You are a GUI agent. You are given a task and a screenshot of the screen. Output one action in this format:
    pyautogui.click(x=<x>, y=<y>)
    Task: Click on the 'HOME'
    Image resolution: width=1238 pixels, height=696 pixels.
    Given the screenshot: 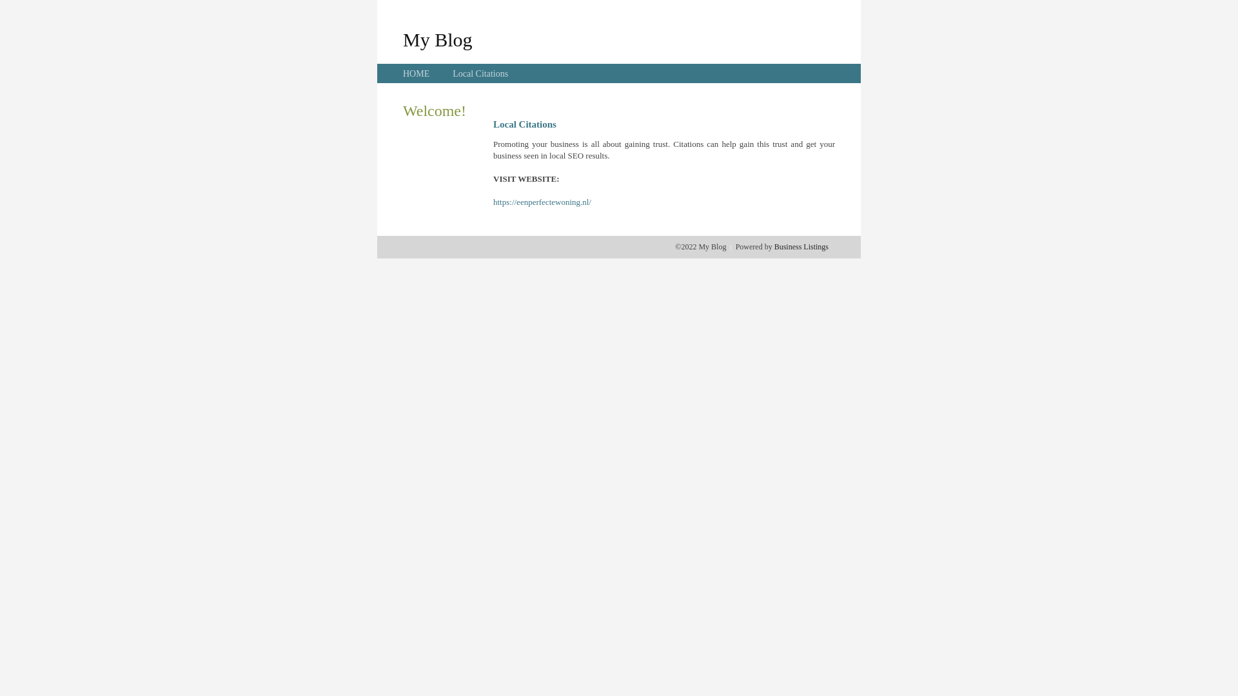 What is the action you would take?
    pyautogui.click(x=416, y=73)
    